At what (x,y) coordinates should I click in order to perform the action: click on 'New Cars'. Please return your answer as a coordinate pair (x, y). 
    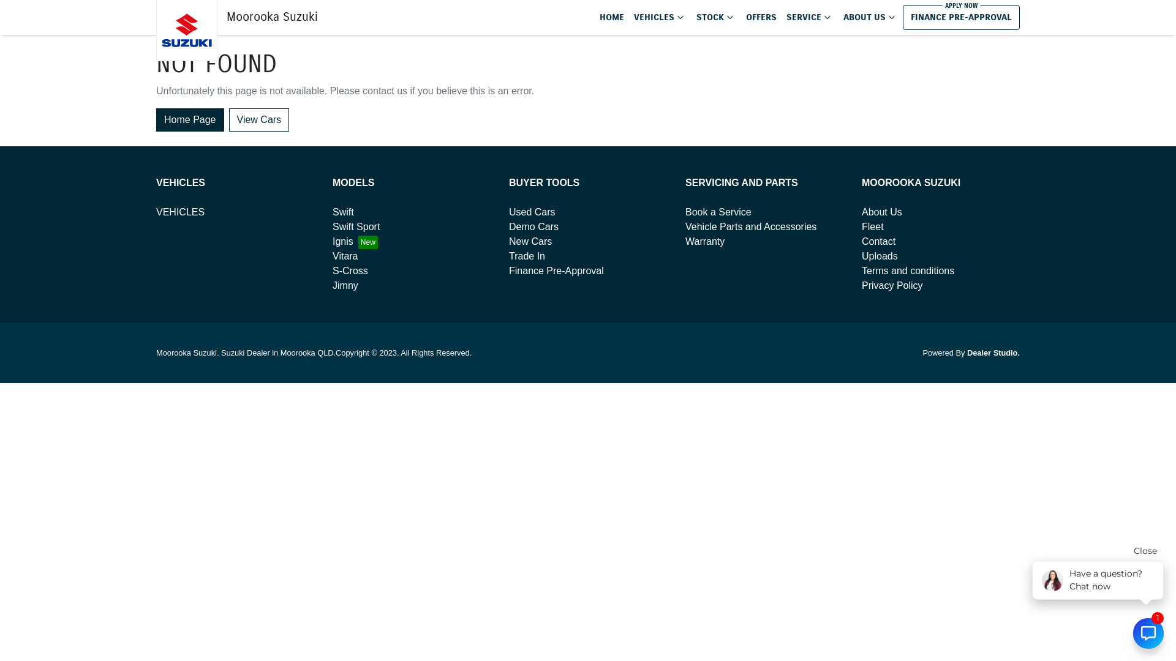
    Looking at the image, I should click on (530, 241).